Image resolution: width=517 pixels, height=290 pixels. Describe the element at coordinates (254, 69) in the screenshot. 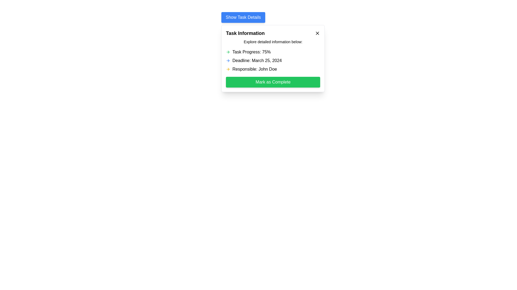

I see `the informational text display indicating the responsible person for the task, which shows 'John Doe', located between the deadline text and the 'Mark as Complete' button` at that location.